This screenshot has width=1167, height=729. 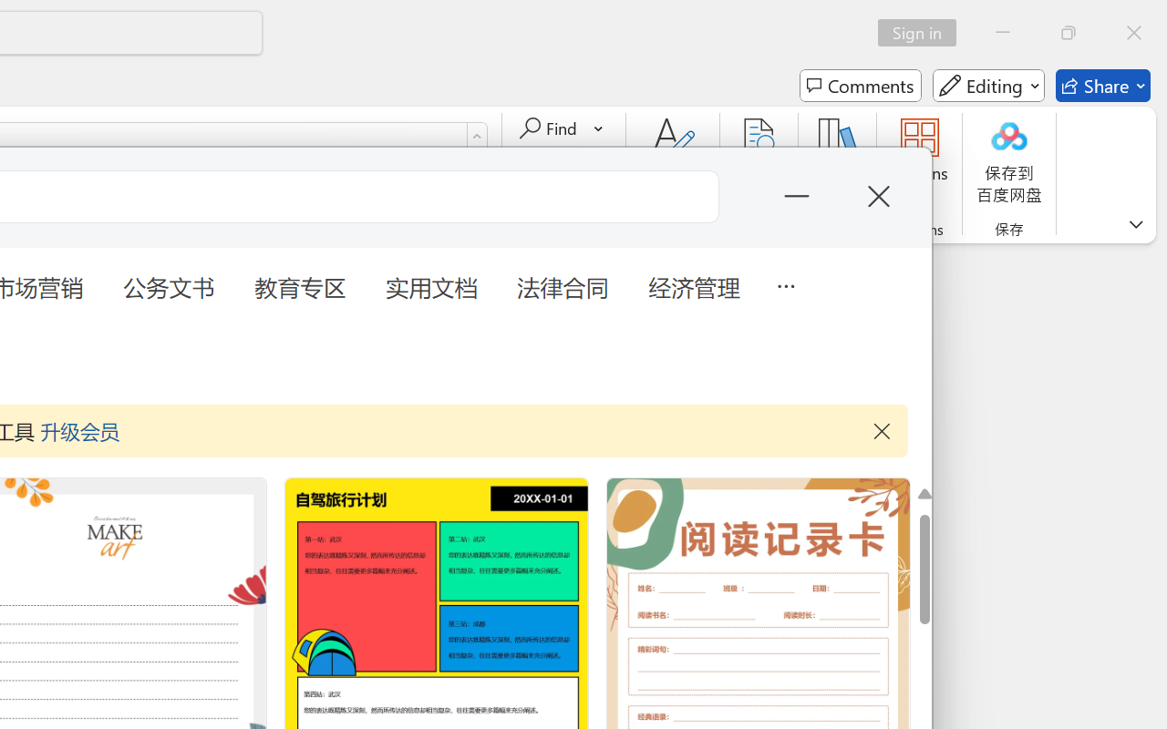 I want to click on '5 more tabs', so click(x=785, y=283).